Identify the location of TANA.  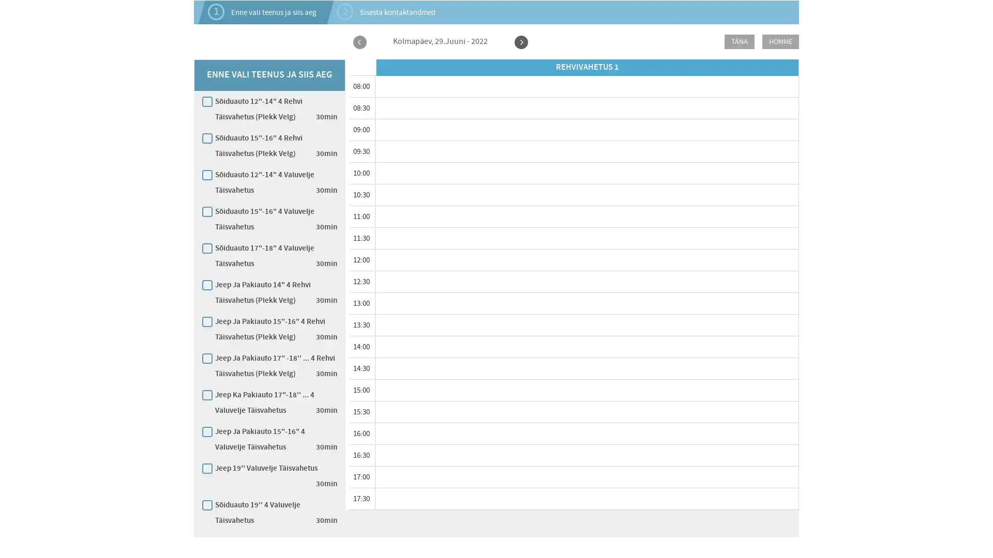
(739, 41).